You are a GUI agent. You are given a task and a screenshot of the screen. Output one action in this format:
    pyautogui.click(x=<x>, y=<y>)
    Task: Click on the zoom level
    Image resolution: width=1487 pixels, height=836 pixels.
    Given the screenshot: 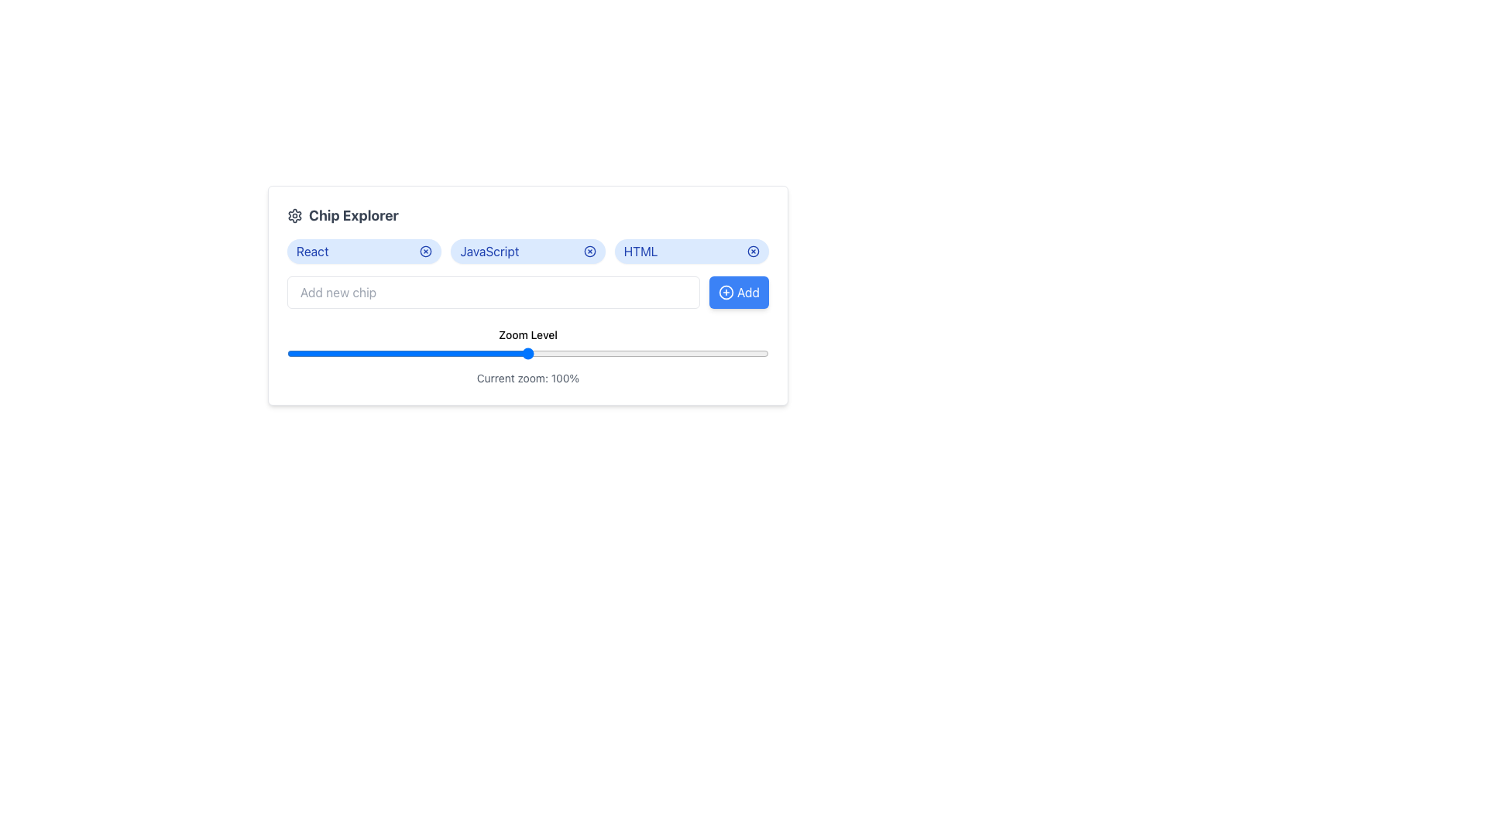 What is the action you would take?
    pyautogui.click(x=484, y=353)
    